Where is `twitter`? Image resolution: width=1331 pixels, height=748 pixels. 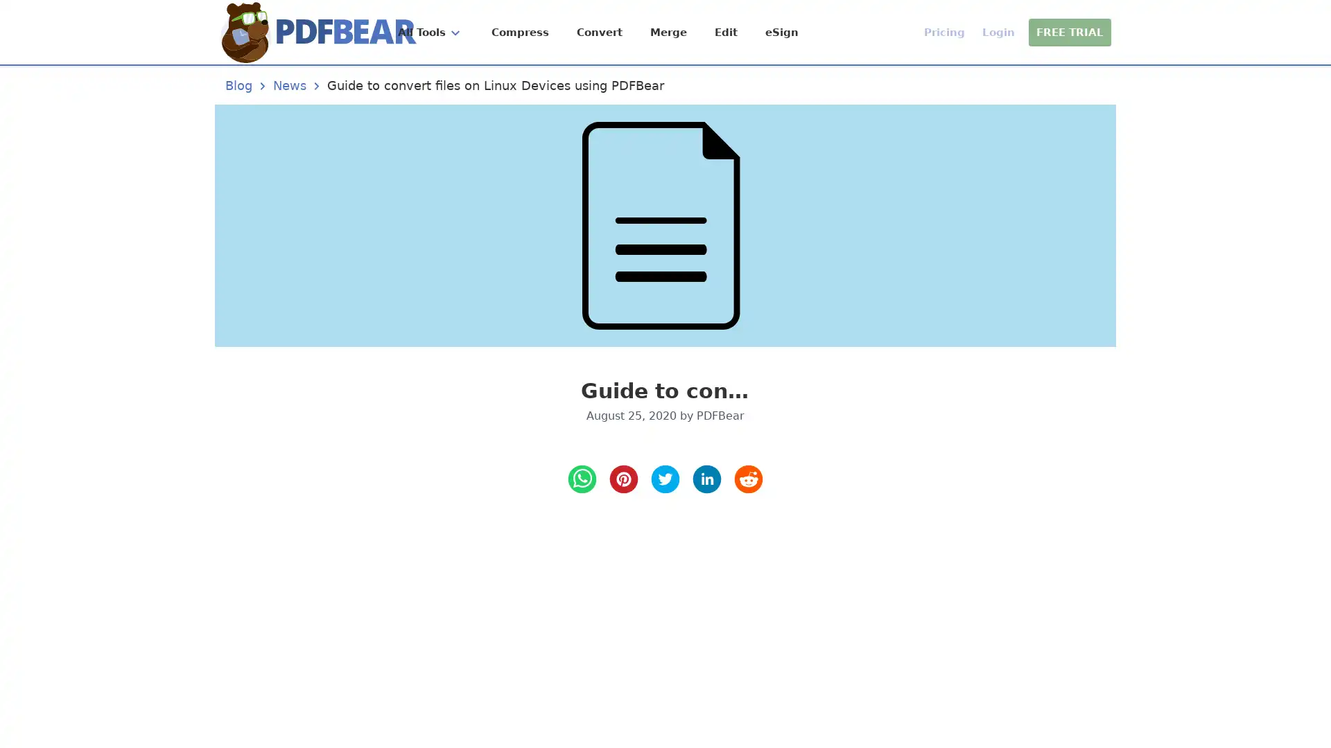 twitter is located at coordinates (665, 478).